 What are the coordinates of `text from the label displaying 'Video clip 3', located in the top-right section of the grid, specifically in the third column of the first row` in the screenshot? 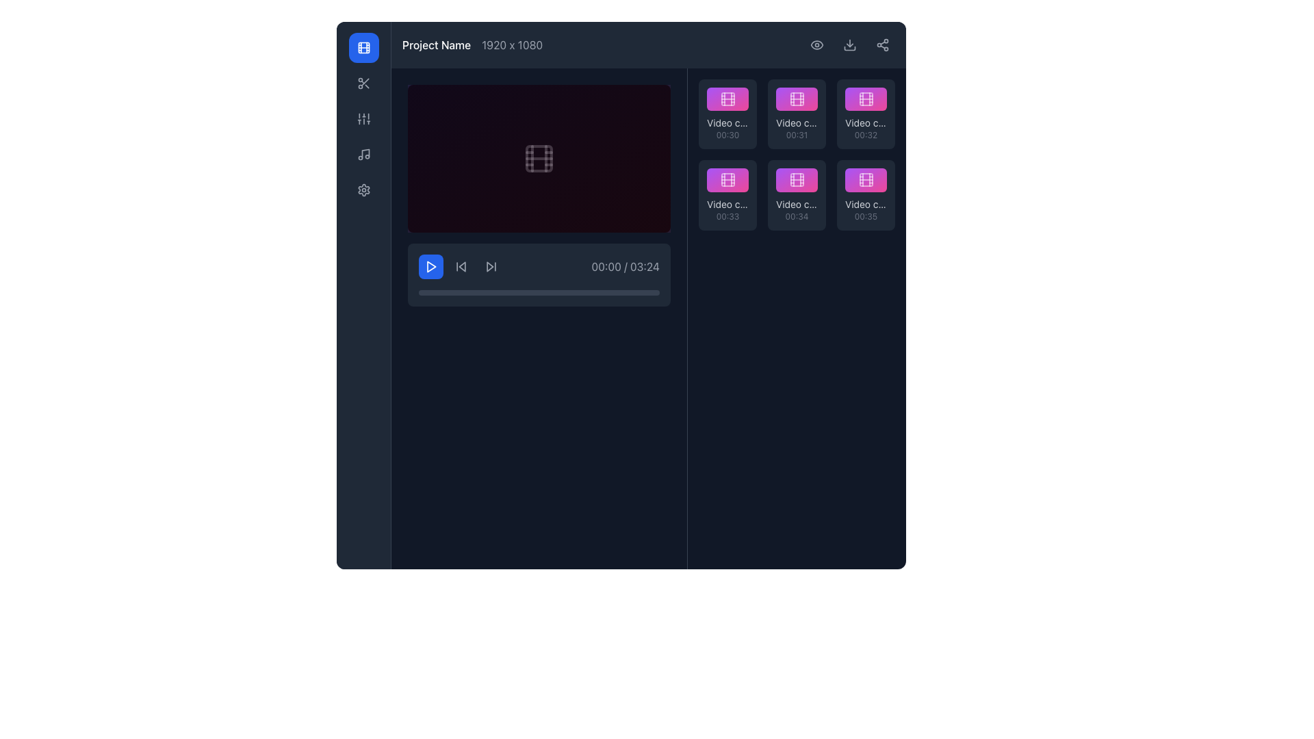 It's located at (865, 123).